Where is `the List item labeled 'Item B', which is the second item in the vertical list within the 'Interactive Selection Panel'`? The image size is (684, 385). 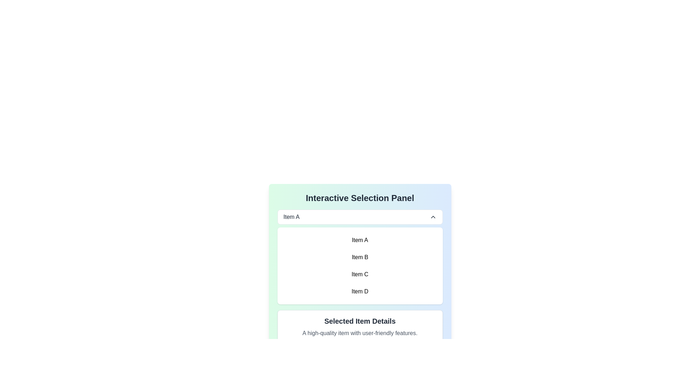
the List item labeled 'Item B', which is the second item in the vertical list within the 'Interactive Selection Panel' is located at coordinates (360, 257).